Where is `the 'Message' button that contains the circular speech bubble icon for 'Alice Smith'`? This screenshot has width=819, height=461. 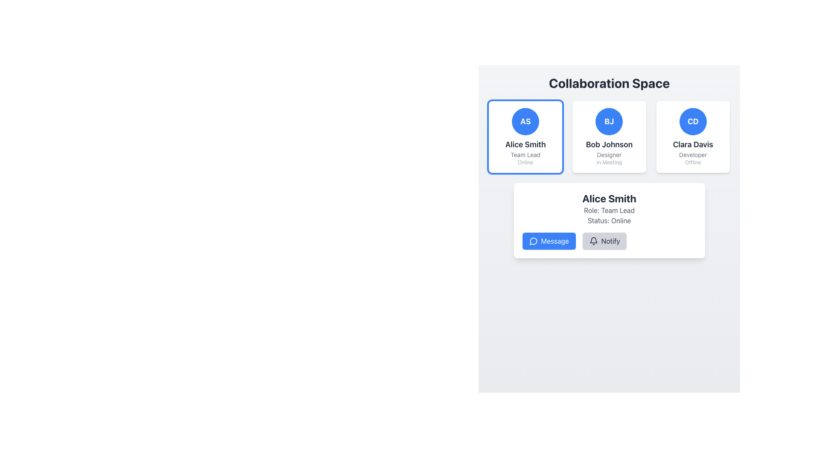
the 'Message' button that contains the circular speech bubble icon for 'Alice Smith' is located at coordinates (533, 241).